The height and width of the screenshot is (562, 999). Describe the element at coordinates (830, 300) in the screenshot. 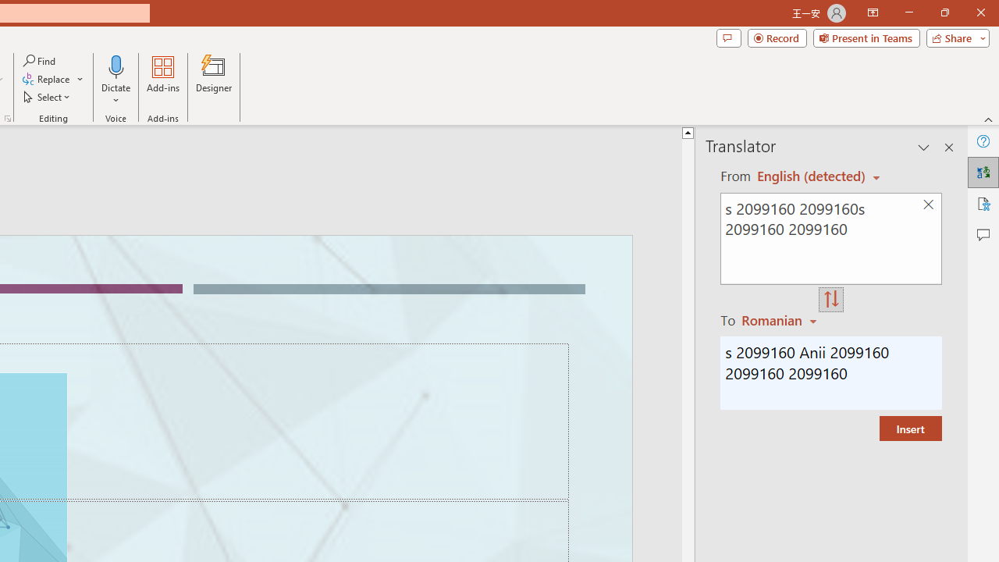

I see `'Swap "from" and "to" languages.'` at that location.